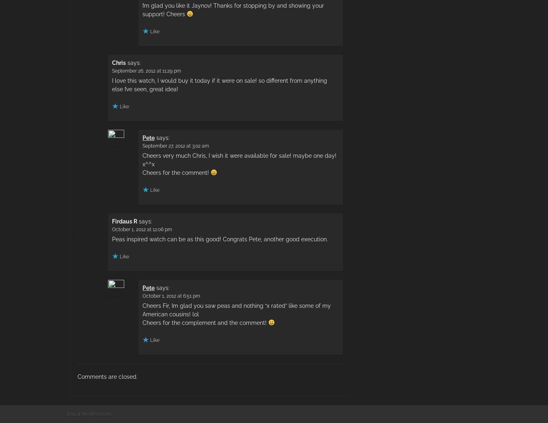 This screenshot has width=548, height=423. What do you see at coordinates (237, 309) in the screenshot?
I see `'Cheers Fir, Im glad you saw peas and nothing “x rated” like some of my American cousins! lol'` at bounding box center [237, 309].